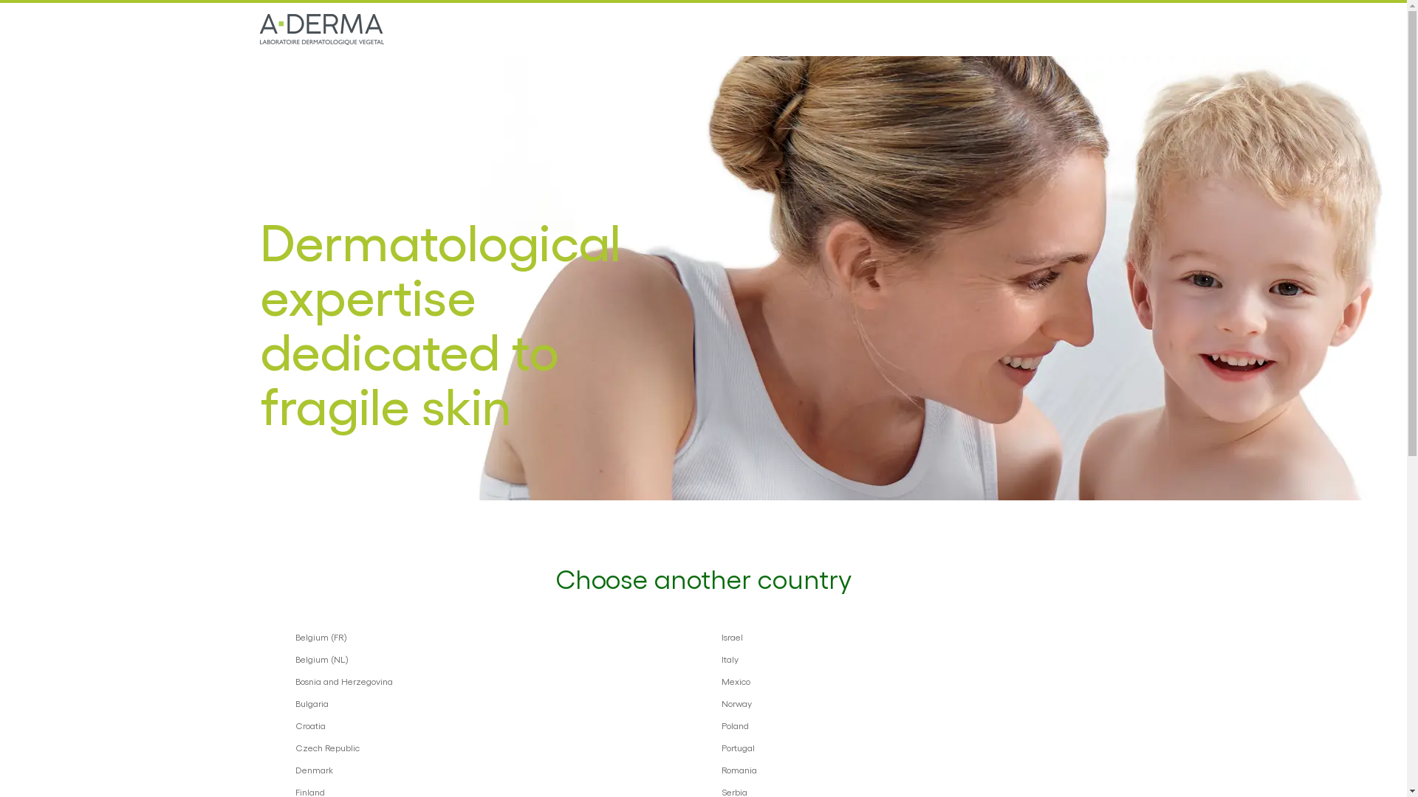 The image size is (1418, 797). Describe the element at coordinates (915, 636) in the screenshot. I see `'Israel'` at that location.